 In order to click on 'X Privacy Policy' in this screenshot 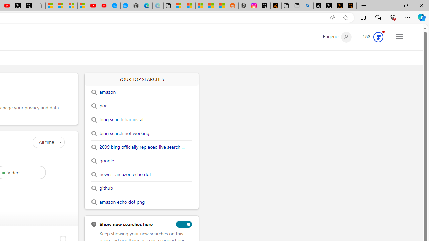, I will do `click(351, 6)`.